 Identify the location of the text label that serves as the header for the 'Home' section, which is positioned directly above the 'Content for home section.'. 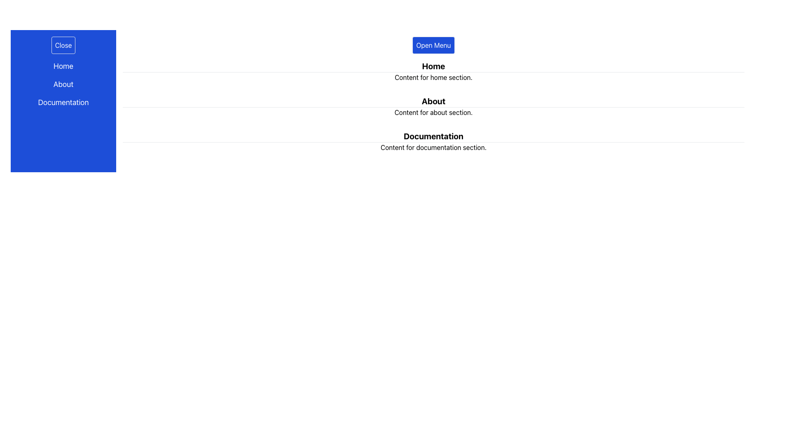
(433, 66).